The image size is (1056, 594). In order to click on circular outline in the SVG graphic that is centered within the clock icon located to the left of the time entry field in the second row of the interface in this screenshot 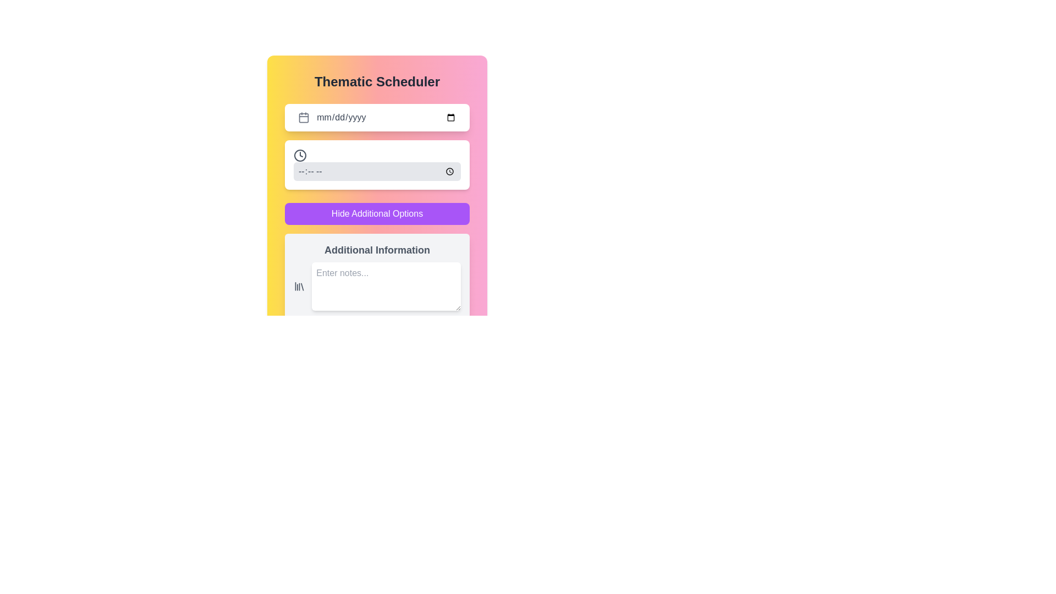, I will do `click(300, 155)`.